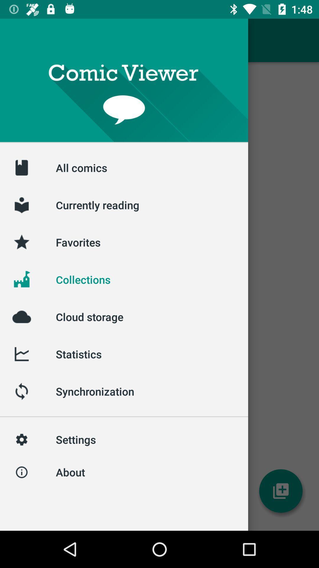  I want to click on the icon which is above cloud storage, so click(21, 279).